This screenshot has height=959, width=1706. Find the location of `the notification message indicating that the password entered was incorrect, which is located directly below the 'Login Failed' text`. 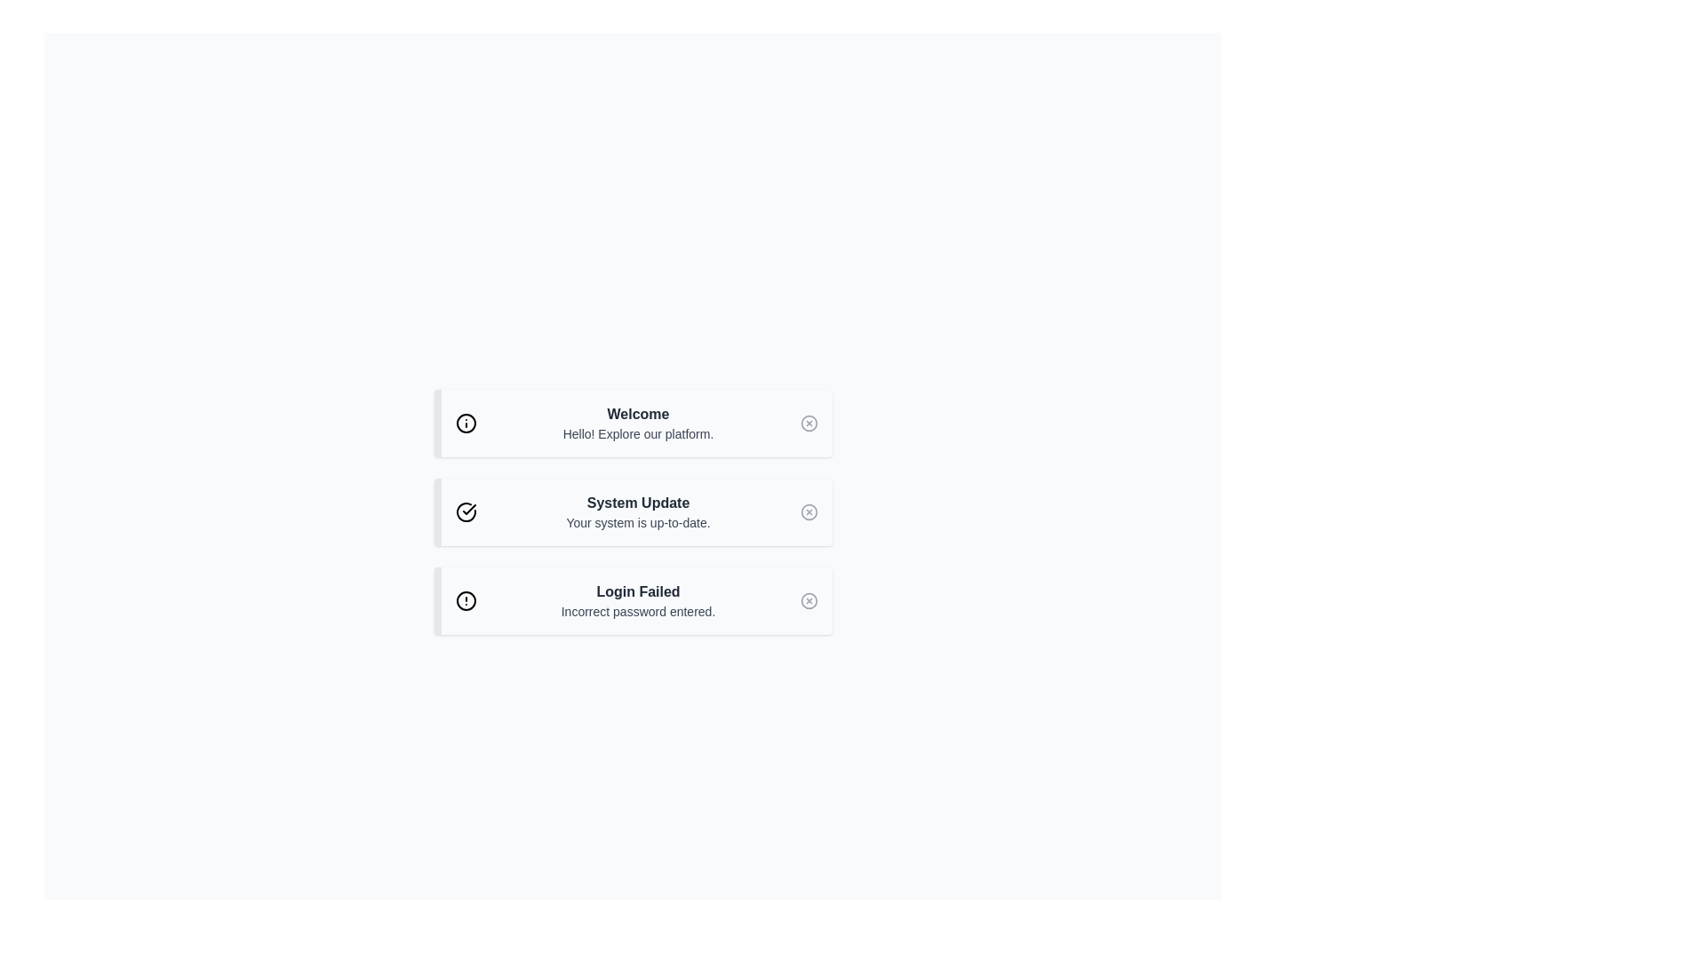

the notification message indicating that the password entered was incorrect, which is located directly below the 'Login Failed' text is located at coordinates (638, 611).